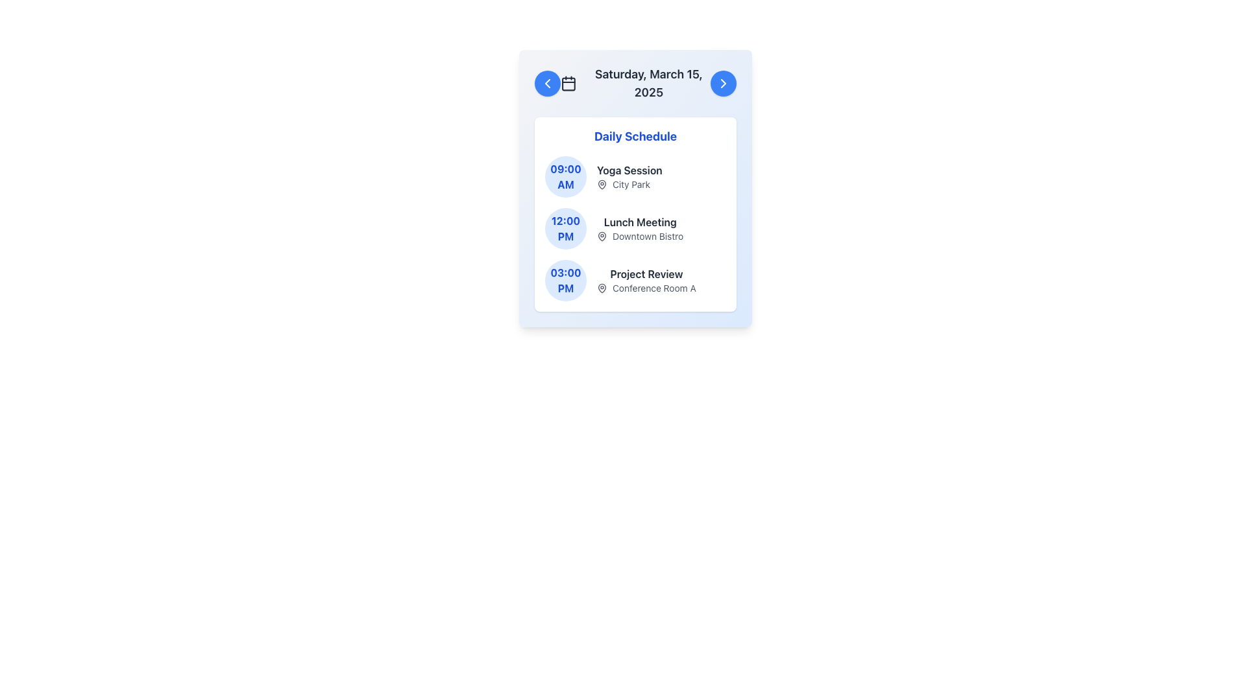 The image size is (1246, 700). I want to click on event title 'Lunch Meeting' and location 'Downtown Bistro' from the textual block located within the schedule card, positioned below the '12:00 PM' time indicator, so click(640, 228).